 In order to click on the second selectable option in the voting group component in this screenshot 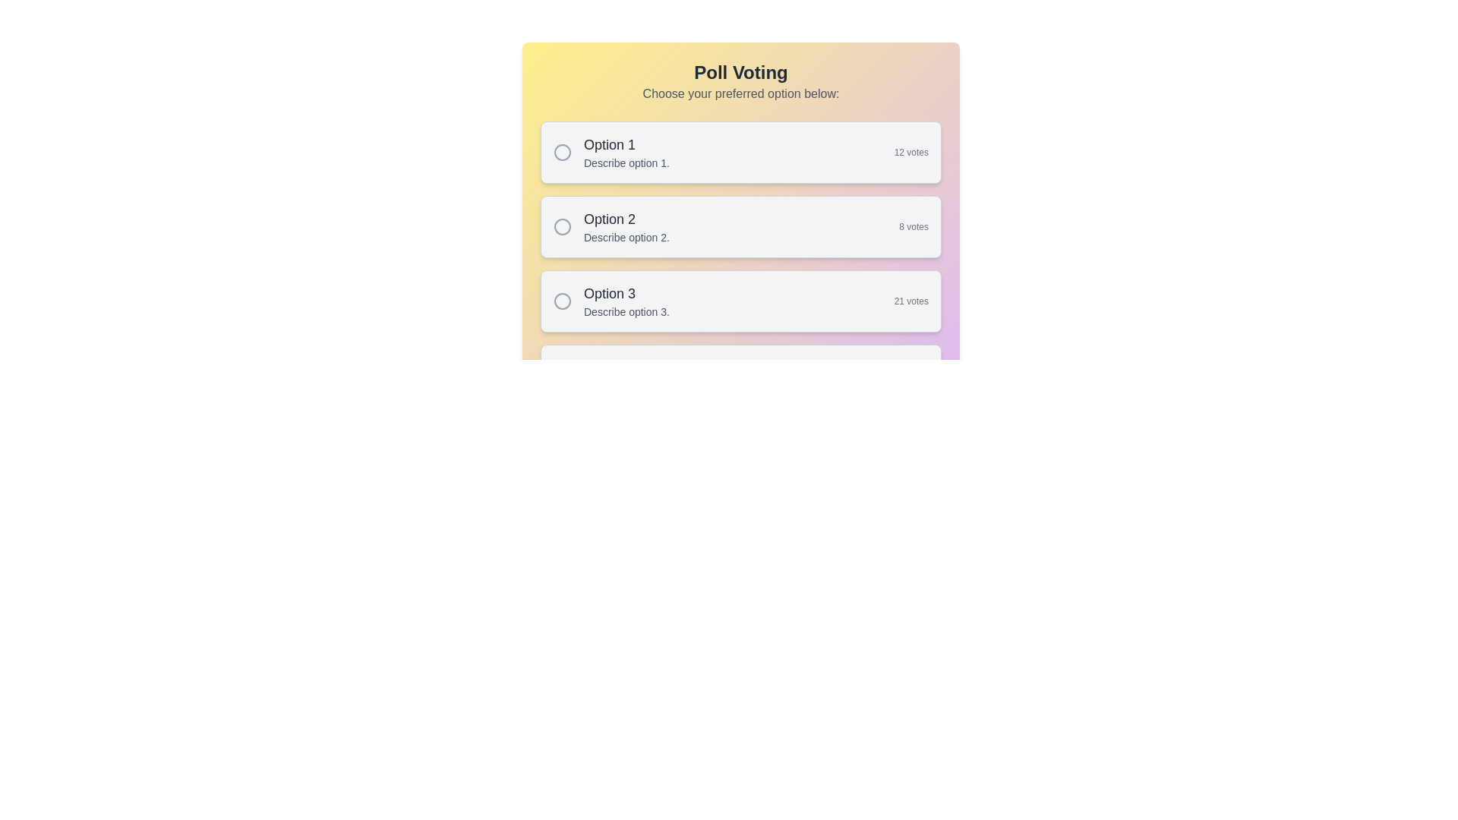, I will do `click(740, 263)`.